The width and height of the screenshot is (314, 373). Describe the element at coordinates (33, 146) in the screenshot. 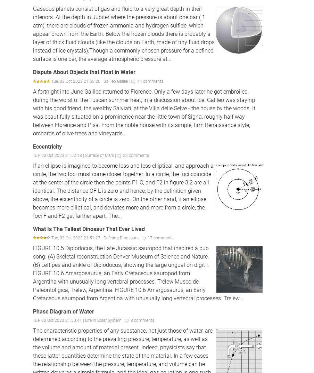

I see `'Eccentricity'` at that location.